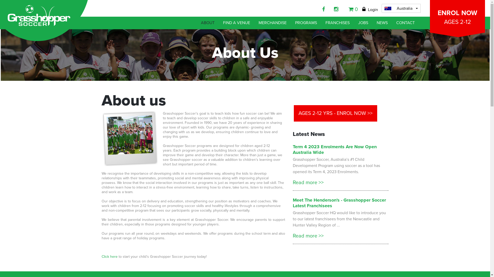 This screenshot has height=277, width=494. What do you see at coordinates (306, 23) in the screenshot?
I see `'PROGRAMS'` at bounding box center [306, 23].